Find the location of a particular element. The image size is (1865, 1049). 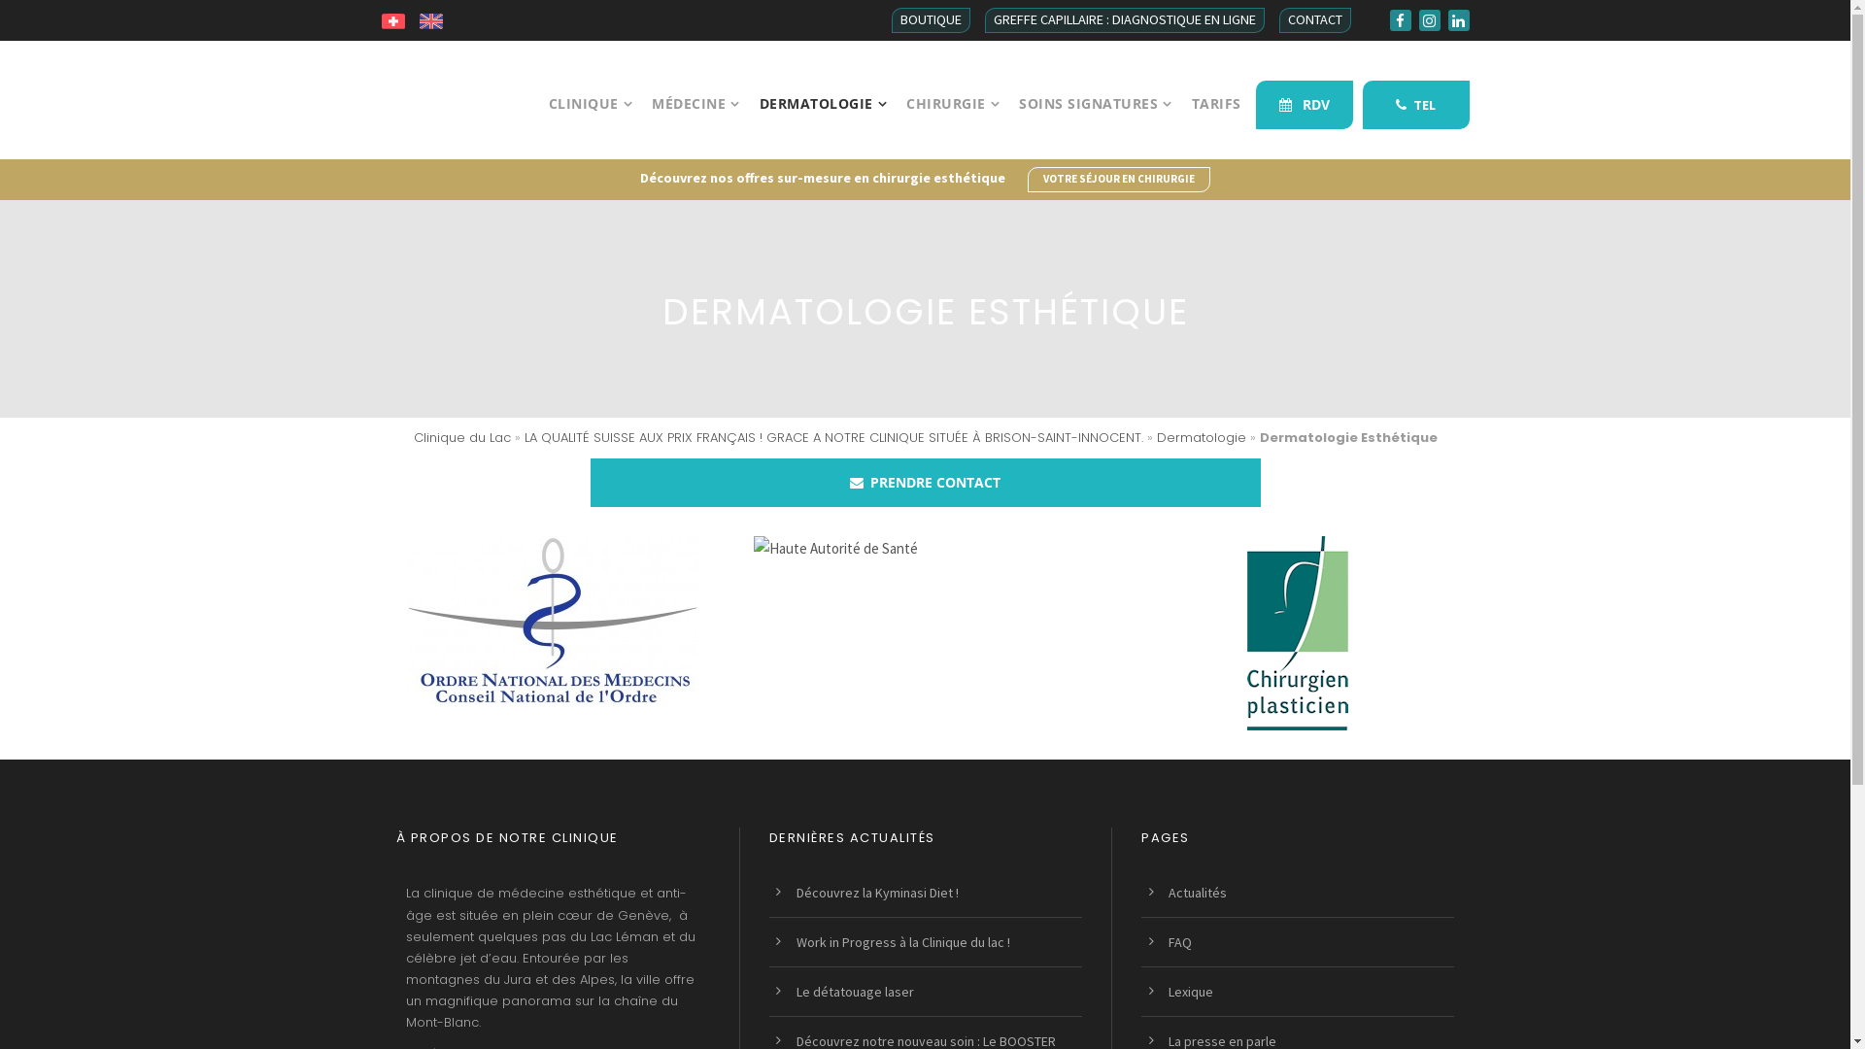

'CONTACT' is located at coordinates (1277, 19).